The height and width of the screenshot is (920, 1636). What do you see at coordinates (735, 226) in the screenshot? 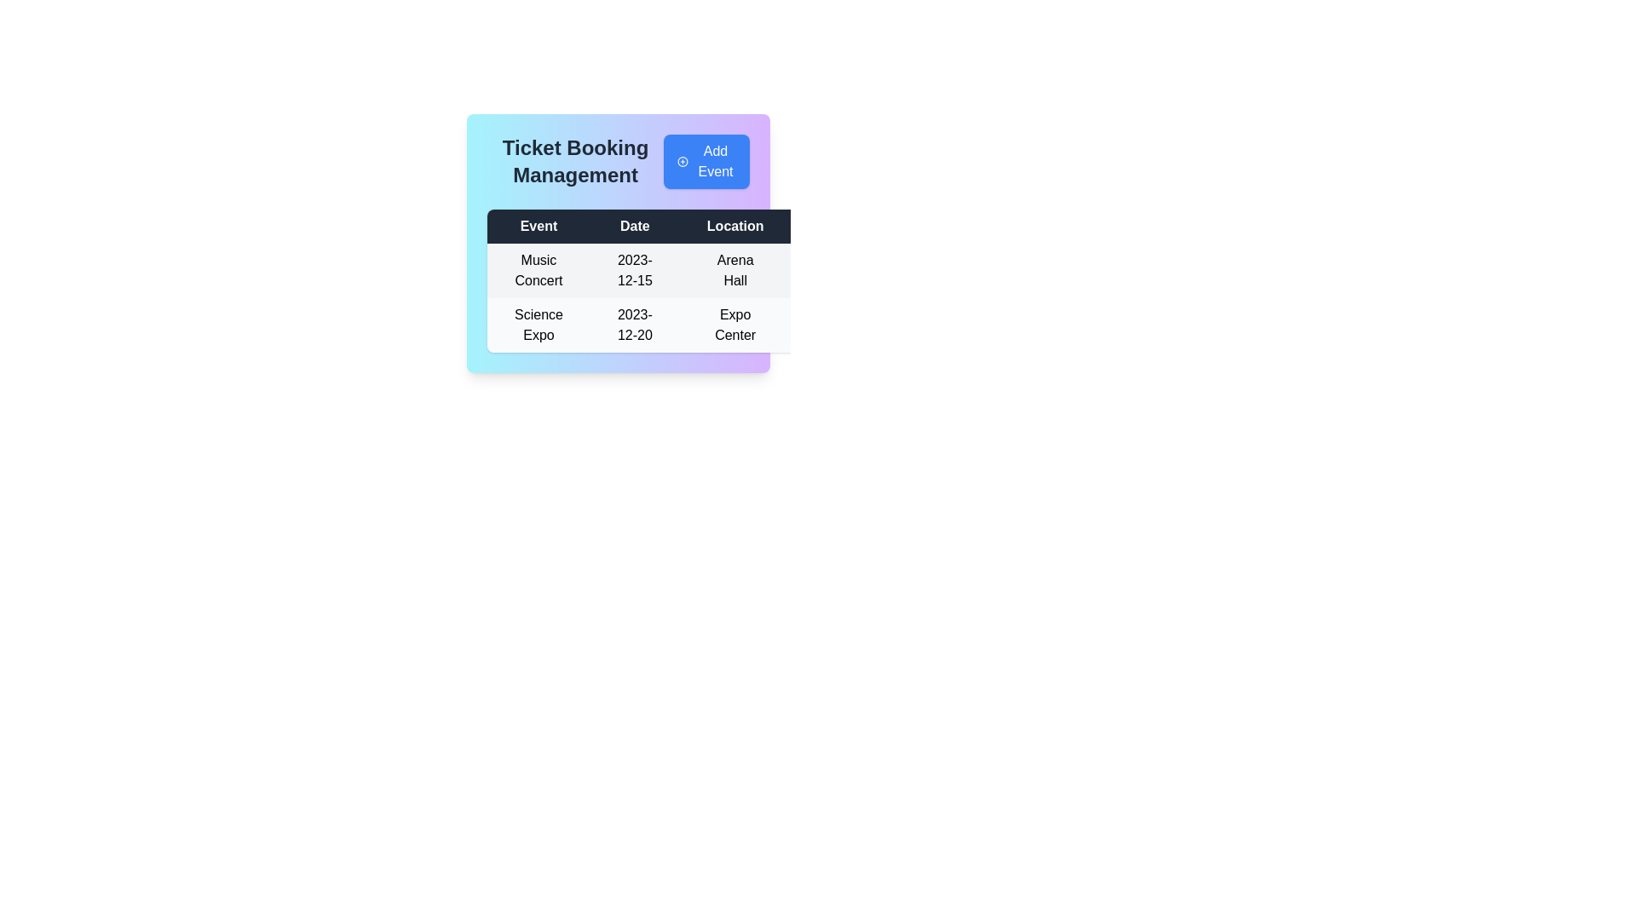
I see `the 'Location' column header text label, which is the third text label from the left in a row of five, positioned near the top of the table` at bounding box center [735, 226].